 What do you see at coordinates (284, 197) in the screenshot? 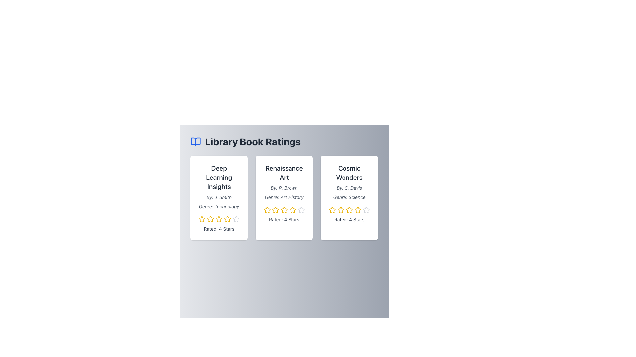
I see `the central book card in the grid layout, which displays the title, author, genre, and rating` at bounding box center [284, 197].